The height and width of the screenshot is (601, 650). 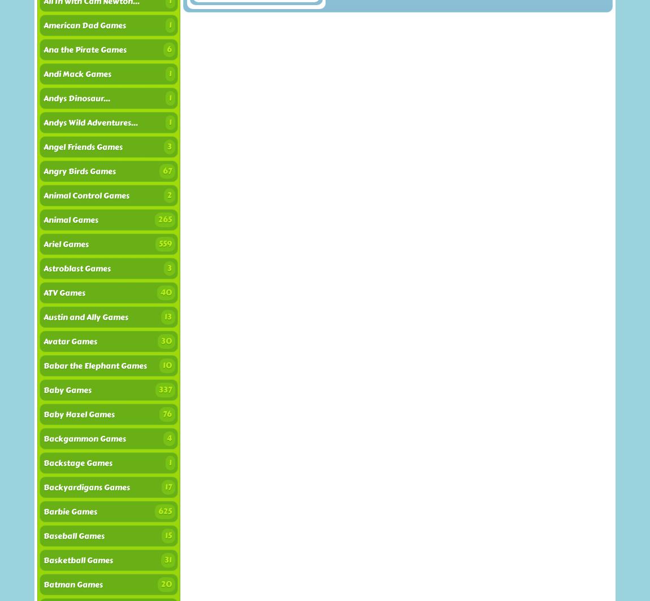 I want to click on 'Angel Friends Games', so click(x=82, y=147).